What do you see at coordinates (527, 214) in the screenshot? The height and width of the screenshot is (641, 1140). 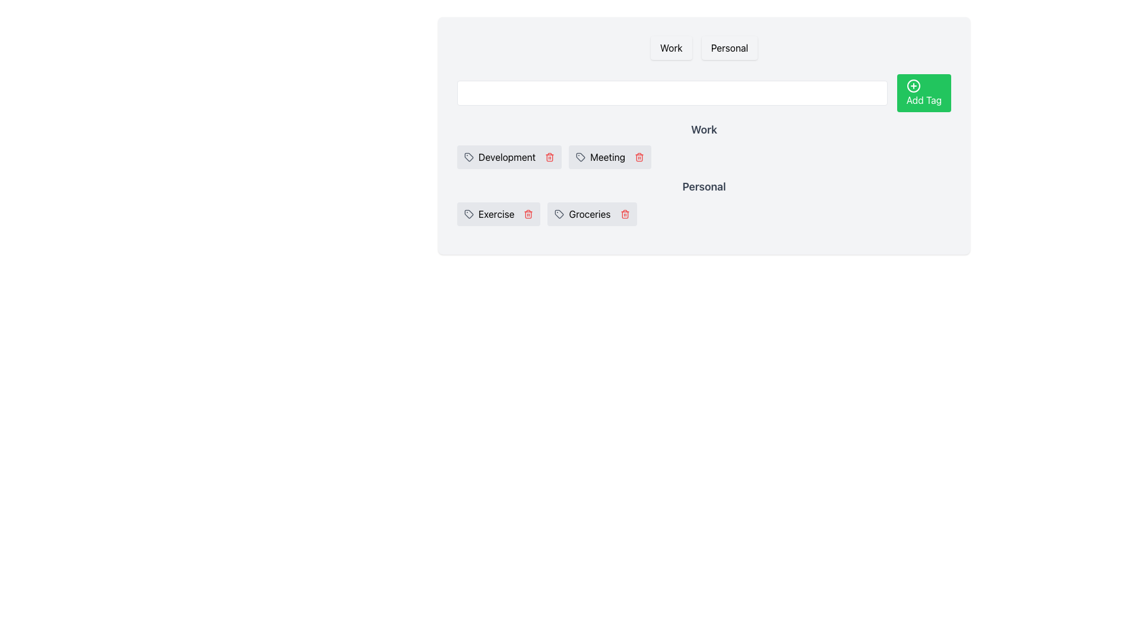 I see `the second interactive trash icon button located to the right of the 'Exercise' tag in the 'Personal' section` at bounding box center [527, 214].